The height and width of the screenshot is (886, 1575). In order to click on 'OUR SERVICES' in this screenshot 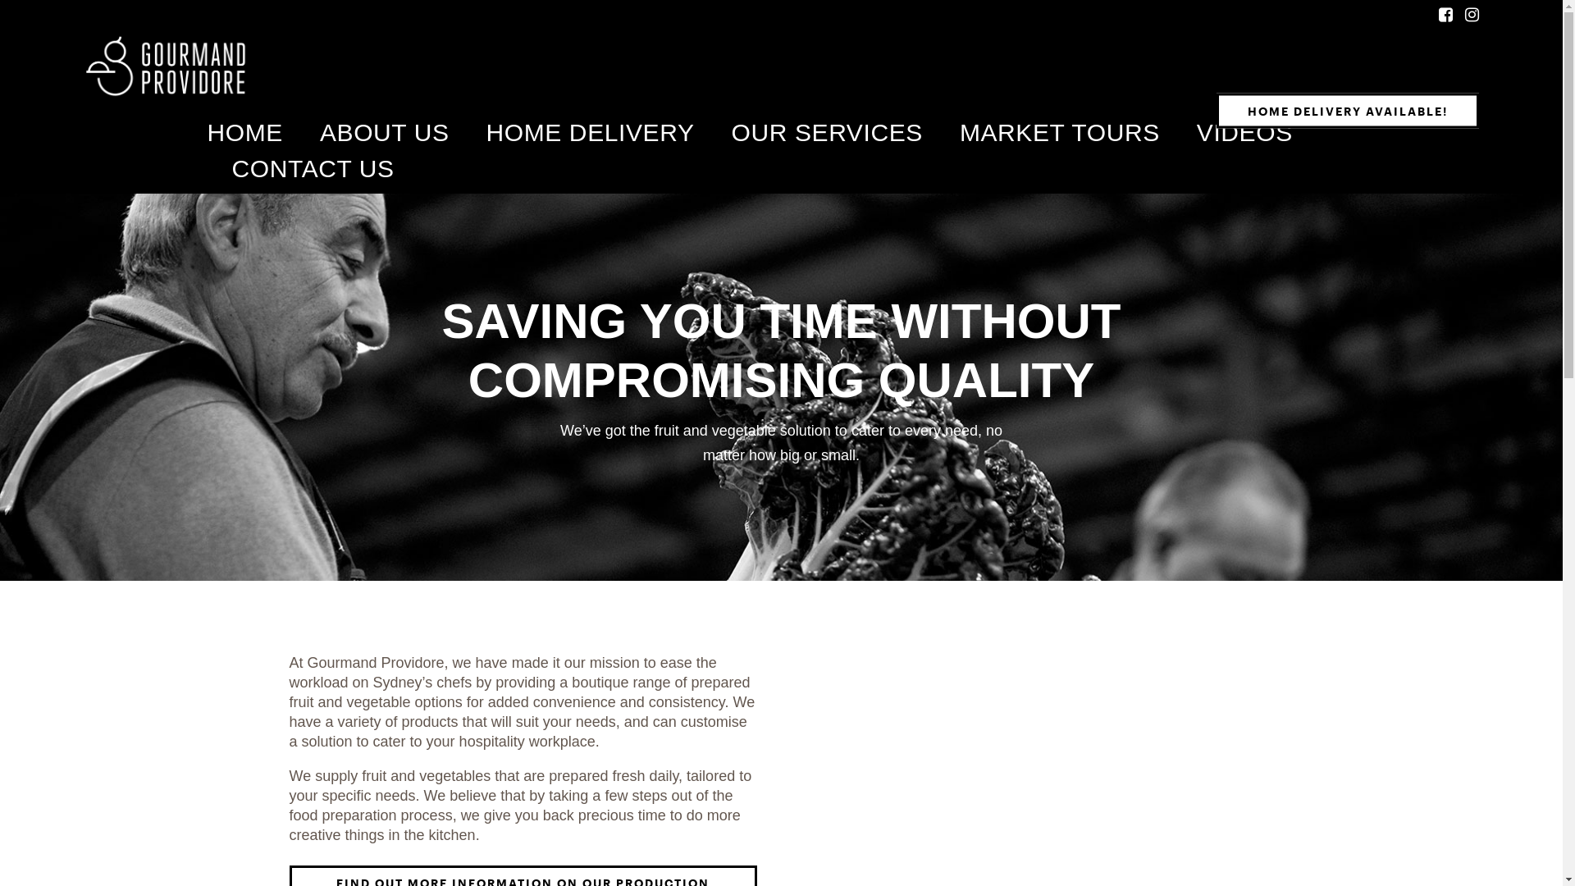, I will do `click(731, 132)`.